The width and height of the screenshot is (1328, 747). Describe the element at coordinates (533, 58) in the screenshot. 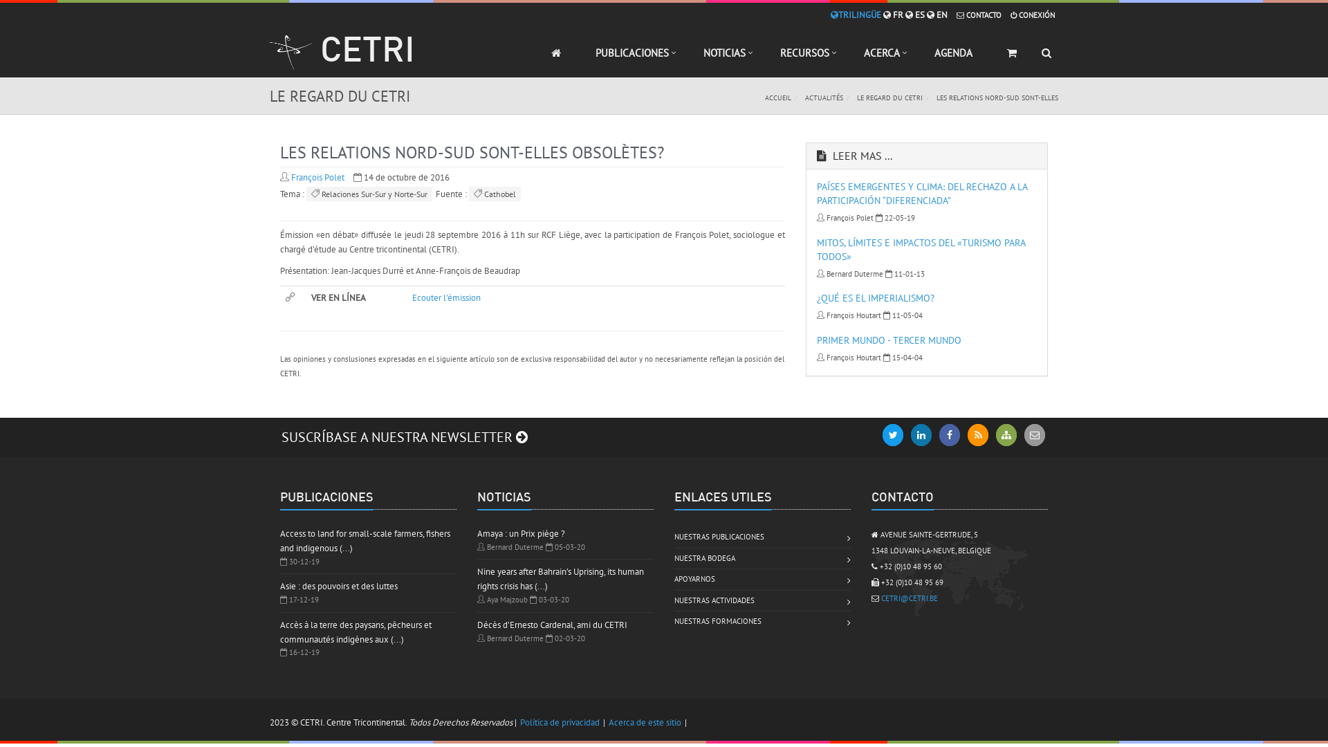

I see `'Portada'` at that location.